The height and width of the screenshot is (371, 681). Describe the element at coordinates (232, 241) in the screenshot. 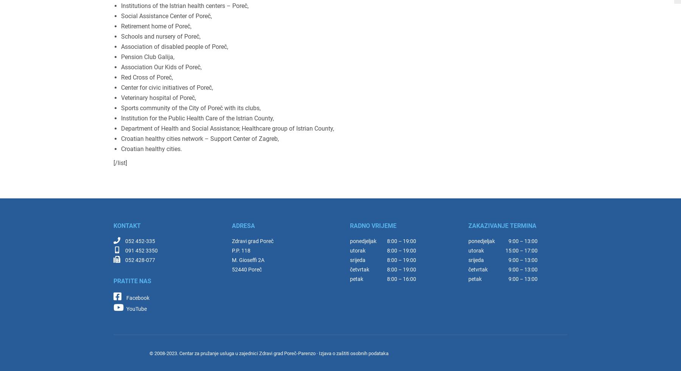

I see `'Zdravi grad Poreč'` at that location.